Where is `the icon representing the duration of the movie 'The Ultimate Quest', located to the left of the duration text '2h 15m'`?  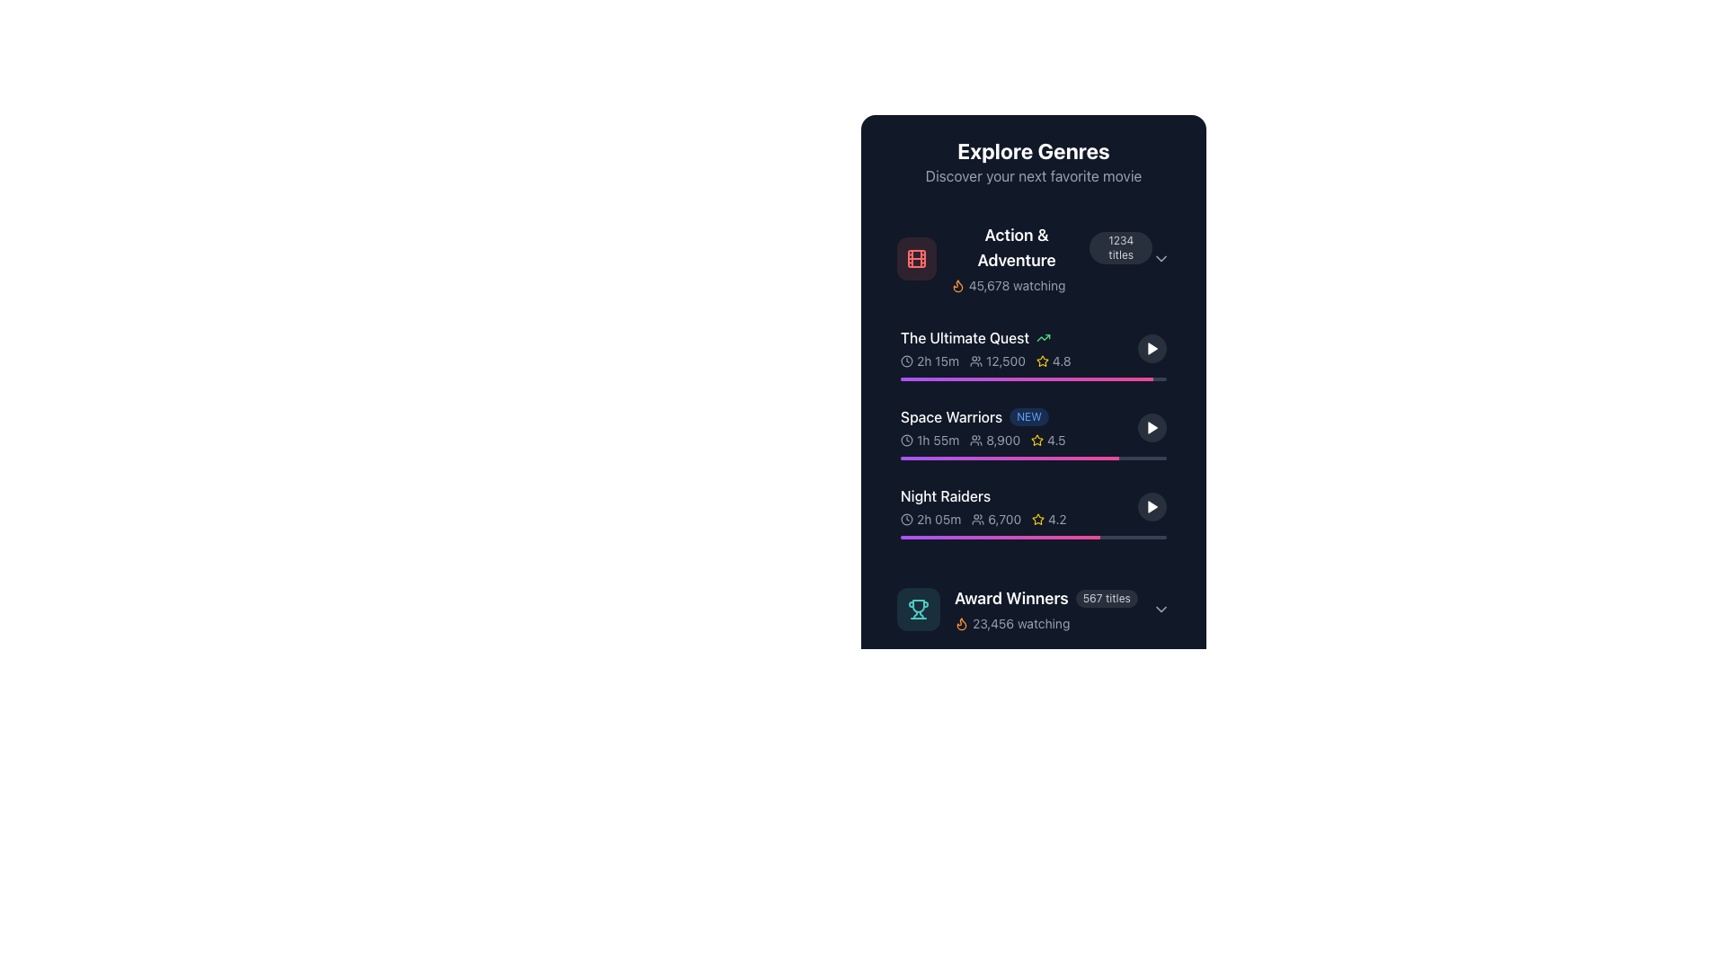 the icon representing the duration of the movie 'The Ultimate Quest', located to the left of the duration text '2h 15m' is located at coordinates (906, 361).